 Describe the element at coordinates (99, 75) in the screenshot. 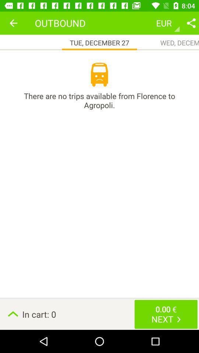

I see `item below tue, december 27 app` at that location.